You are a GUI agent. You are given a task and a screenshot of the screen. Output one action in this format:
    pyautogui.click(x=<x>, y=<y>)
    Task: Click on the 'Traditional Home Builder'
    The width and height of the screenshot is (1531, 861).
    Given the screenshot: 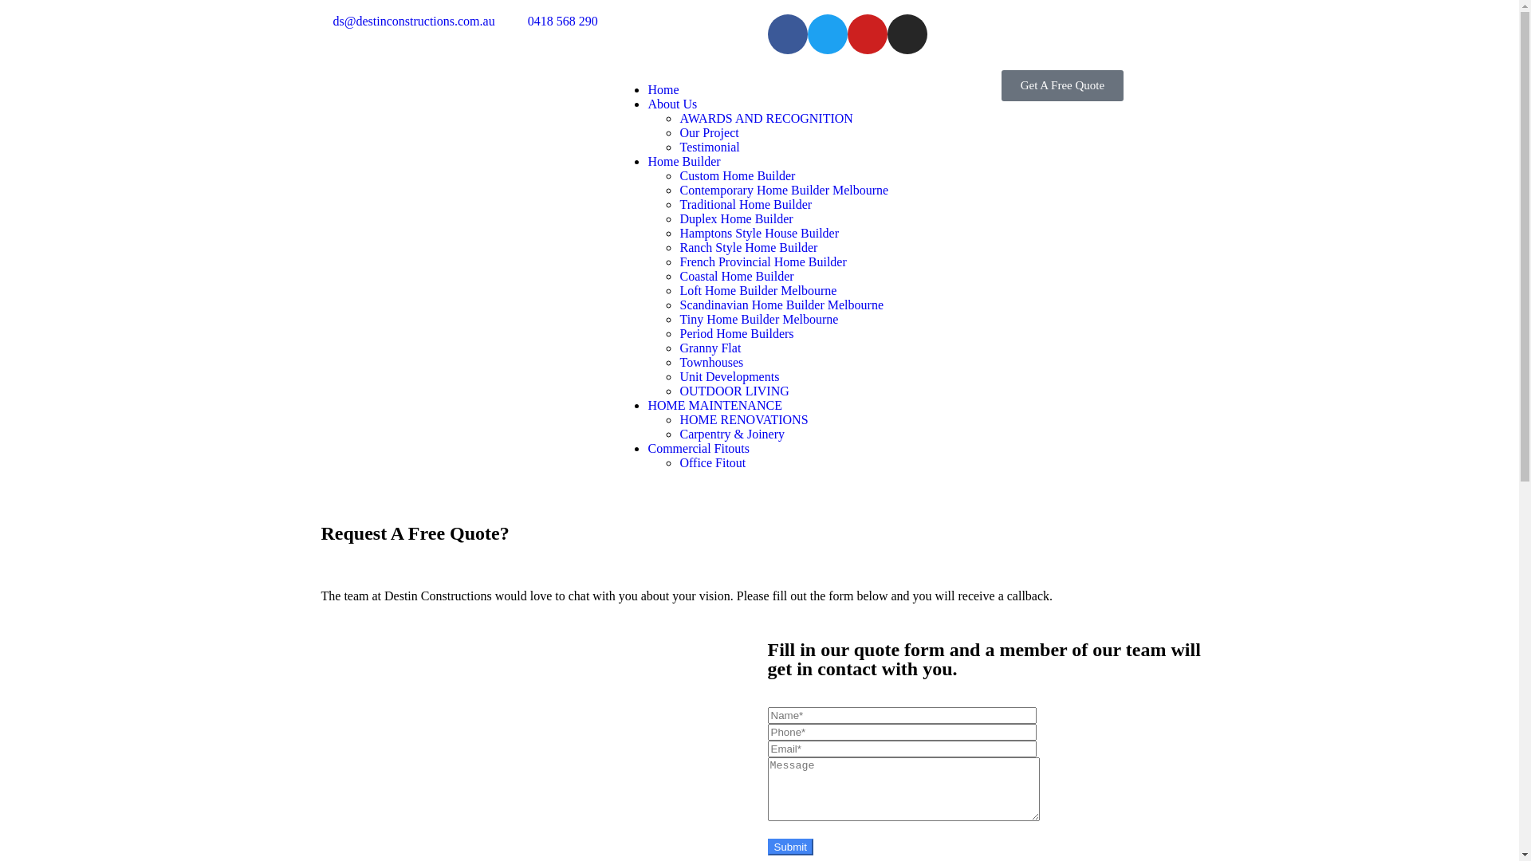 What is the action you would take?
    pyautogui.click(x=745, y=203)
    